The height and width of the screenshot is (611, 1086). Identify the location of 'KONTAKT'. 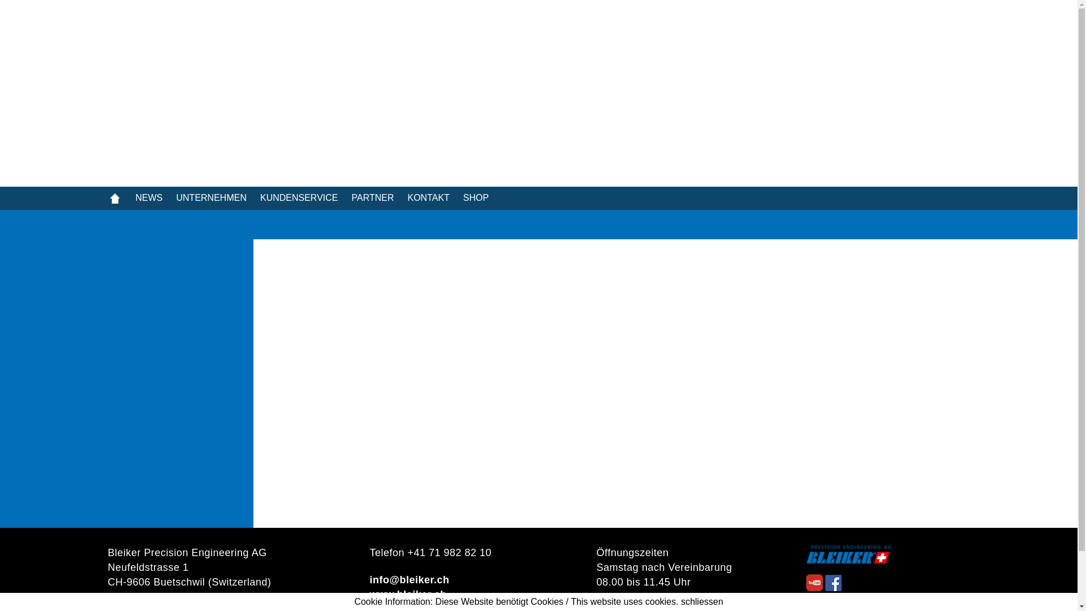
(434, 197).